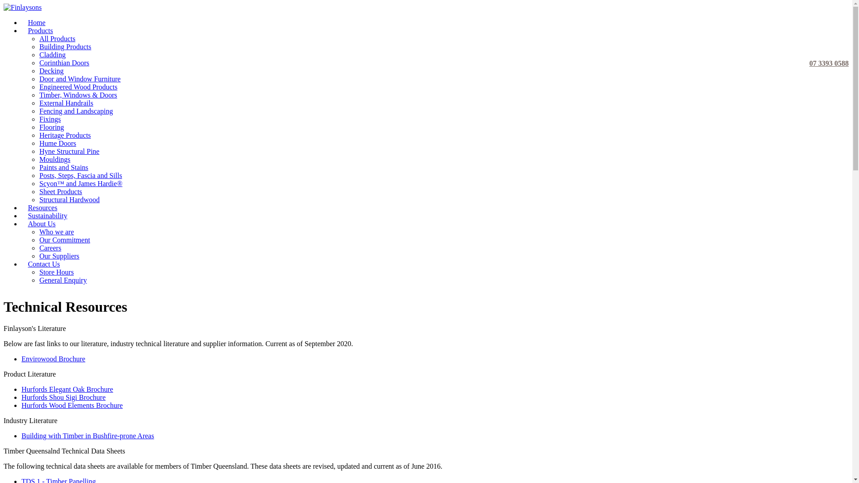  What do you see at coordinates (54, 159) in the screenshot?
I see `'Mouldings'` at bounding box center [54, 159].